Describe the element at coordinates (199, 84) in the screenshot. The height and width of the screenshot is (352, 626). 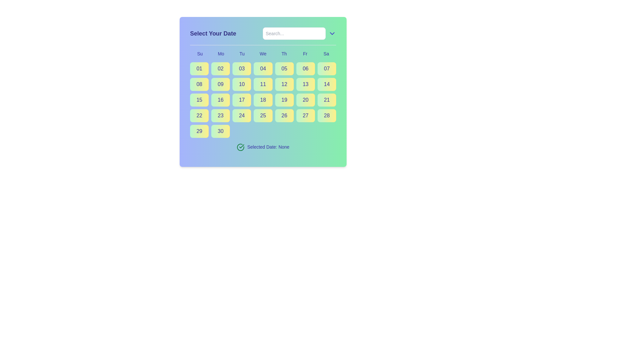
I see `the button displaying '08' with a gradient background from green to yellow, located in the second row and first column of the grid` at that location.